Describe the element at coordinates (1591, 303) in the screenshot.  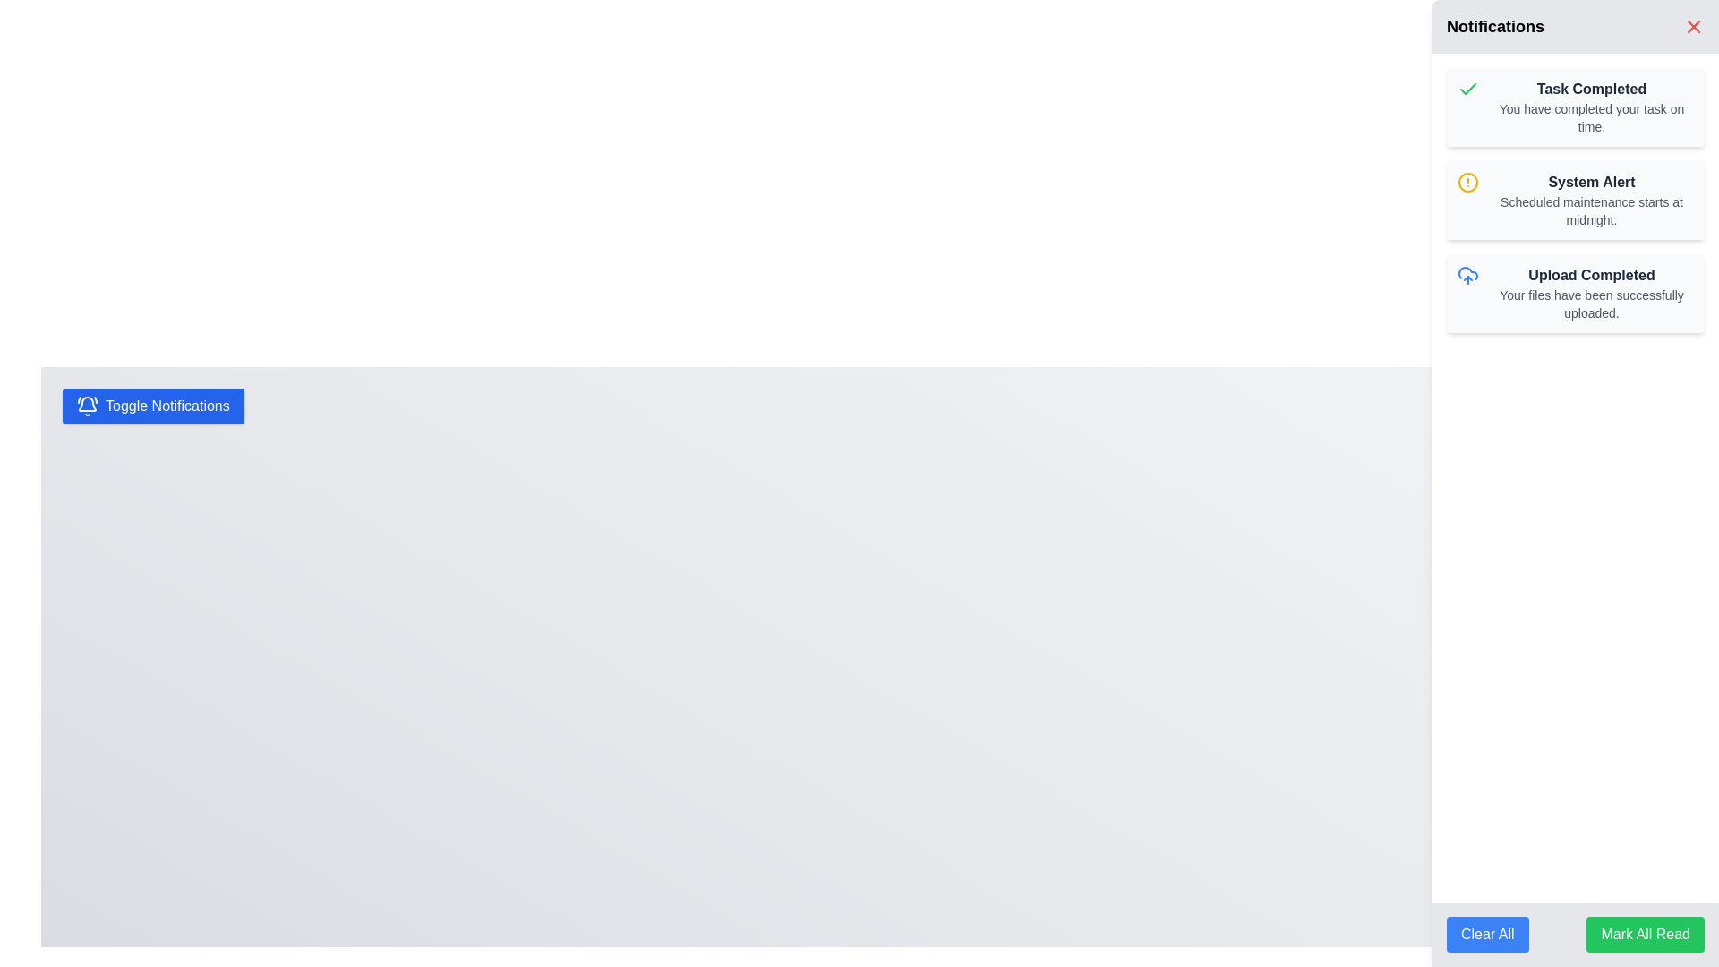
I see `the text element that reads 'Your files have been successfully uploaded.' in the notifications panel, which is styled in gray and positioned below the bold heading 'Upload Completed.'` at that location.